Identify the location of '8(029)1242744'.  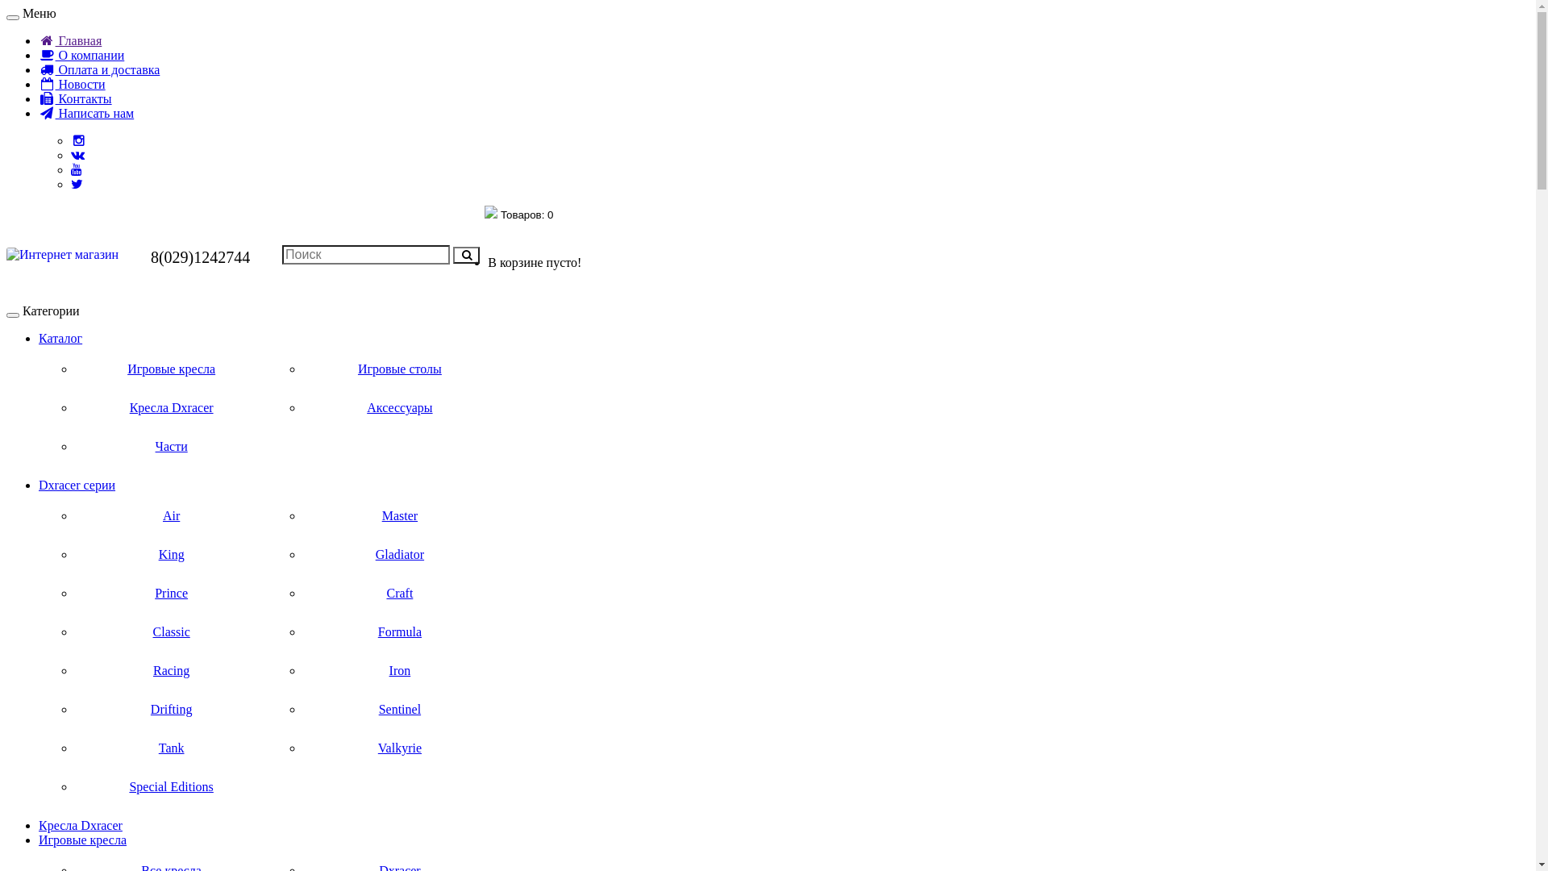
(151, 256).